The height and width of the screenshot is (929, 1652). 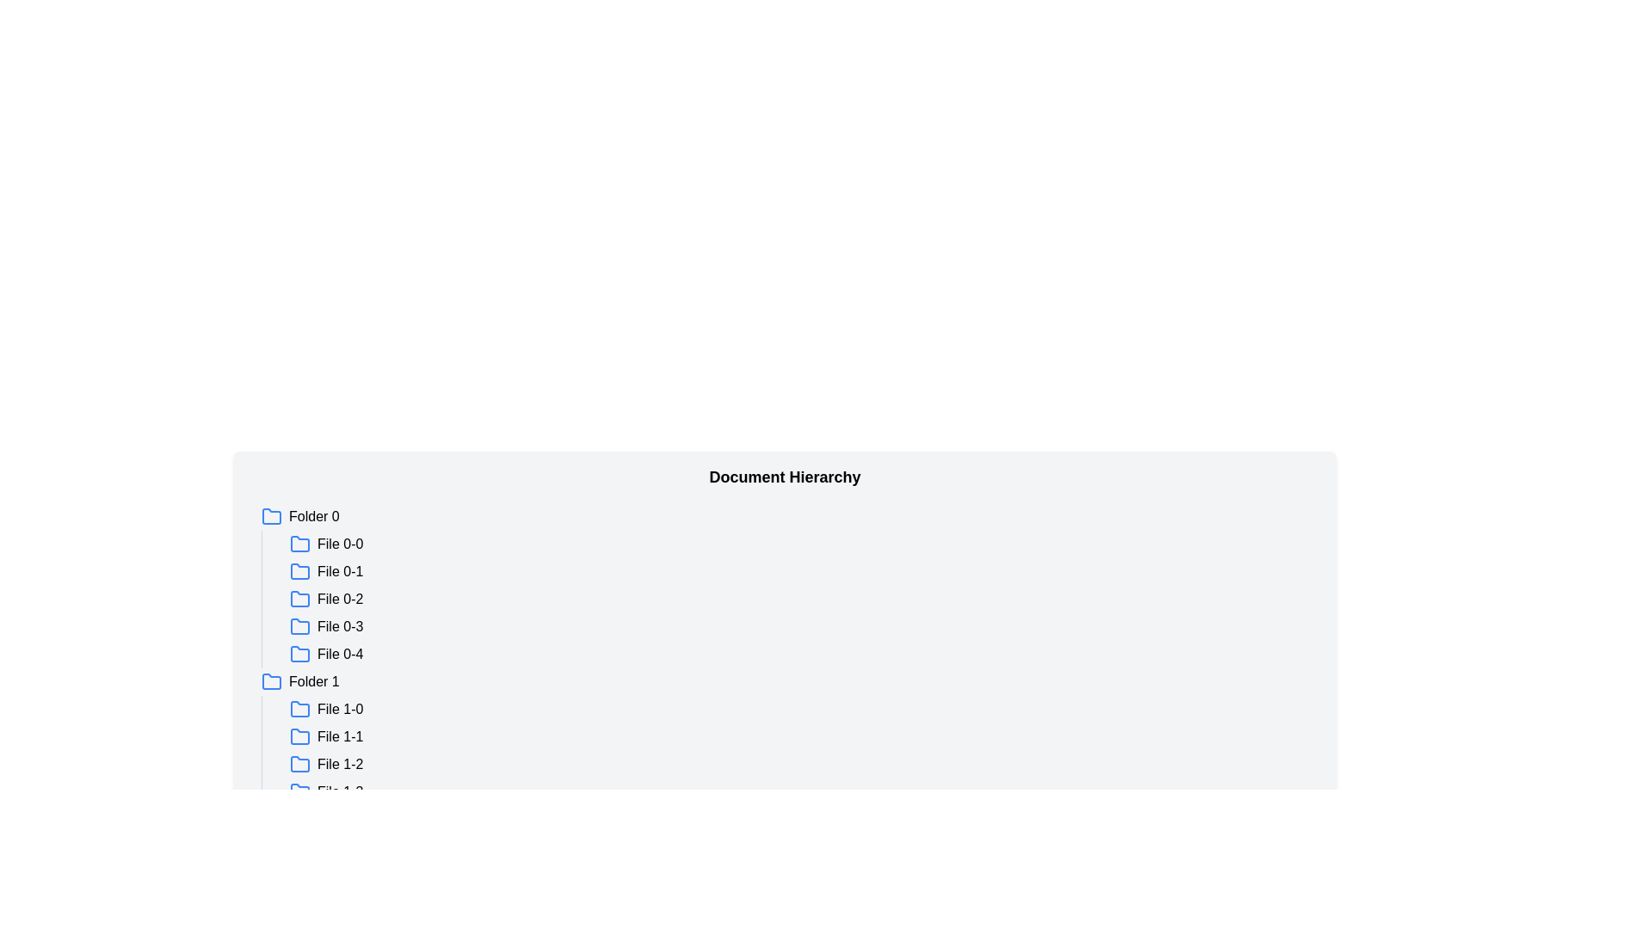 What do you see at coordinates (271, 515) in the screenshot?
I see `the folder icon representing 'Folder 0' in the Document Hierarchy section` at bounding box center [271, 515].